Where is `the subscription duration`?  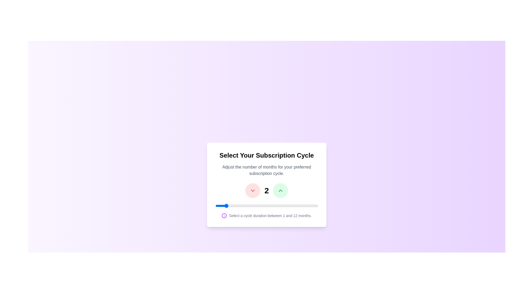 the subscription duration is located at coordinates (280, 205).